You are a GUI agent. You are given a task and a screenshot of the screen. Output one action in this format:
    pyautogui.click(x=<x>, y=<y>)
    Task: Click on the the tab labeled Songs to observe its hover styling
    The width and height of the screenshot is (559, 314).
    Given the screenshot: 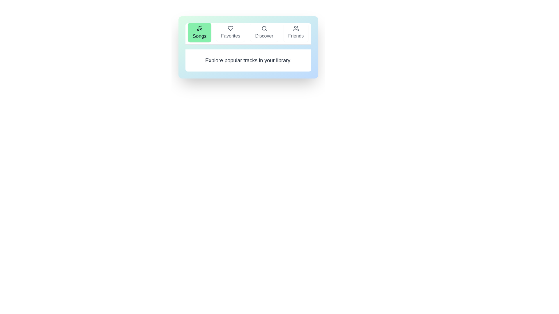 What is the action you would take?
    pyautogui.click(x=199, y=32)
    